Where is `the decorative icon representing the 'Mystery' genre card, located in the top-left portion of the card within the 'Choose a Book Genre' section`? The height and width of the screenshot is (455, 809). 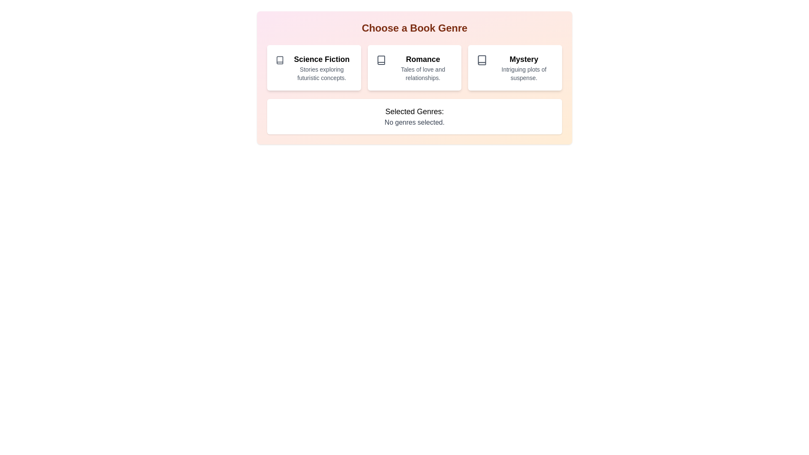 the decorative icon representing the 'Mystery' genre card, located in the top-left portion of the card within the 'Choose a Book Genre' section is located at coordinates (482, 59).